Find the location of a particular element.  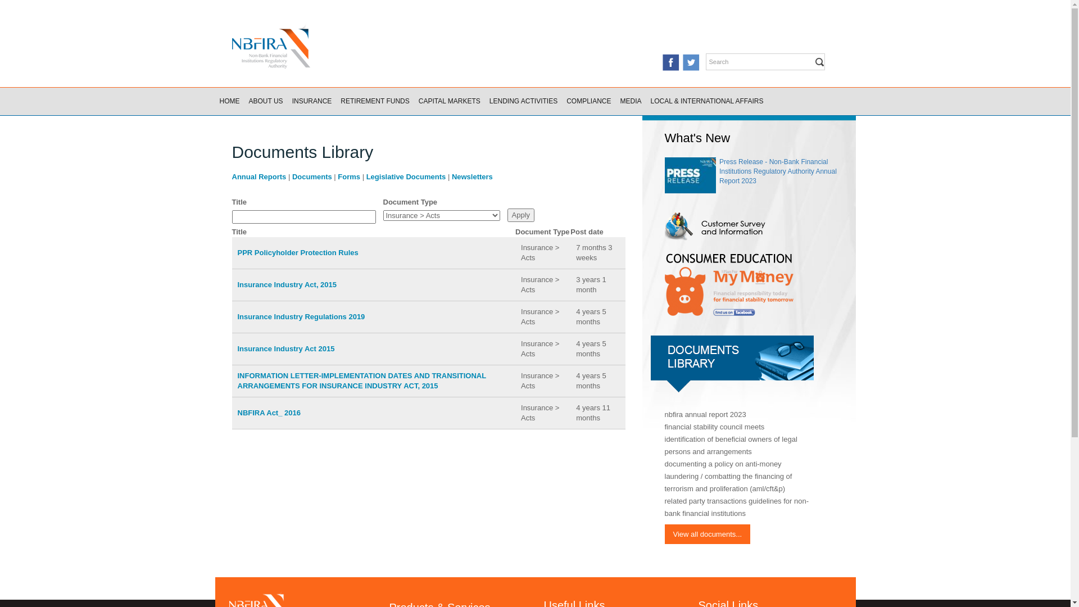

'RETIREMENT FUNDS' is located at coordinates (375, 101).